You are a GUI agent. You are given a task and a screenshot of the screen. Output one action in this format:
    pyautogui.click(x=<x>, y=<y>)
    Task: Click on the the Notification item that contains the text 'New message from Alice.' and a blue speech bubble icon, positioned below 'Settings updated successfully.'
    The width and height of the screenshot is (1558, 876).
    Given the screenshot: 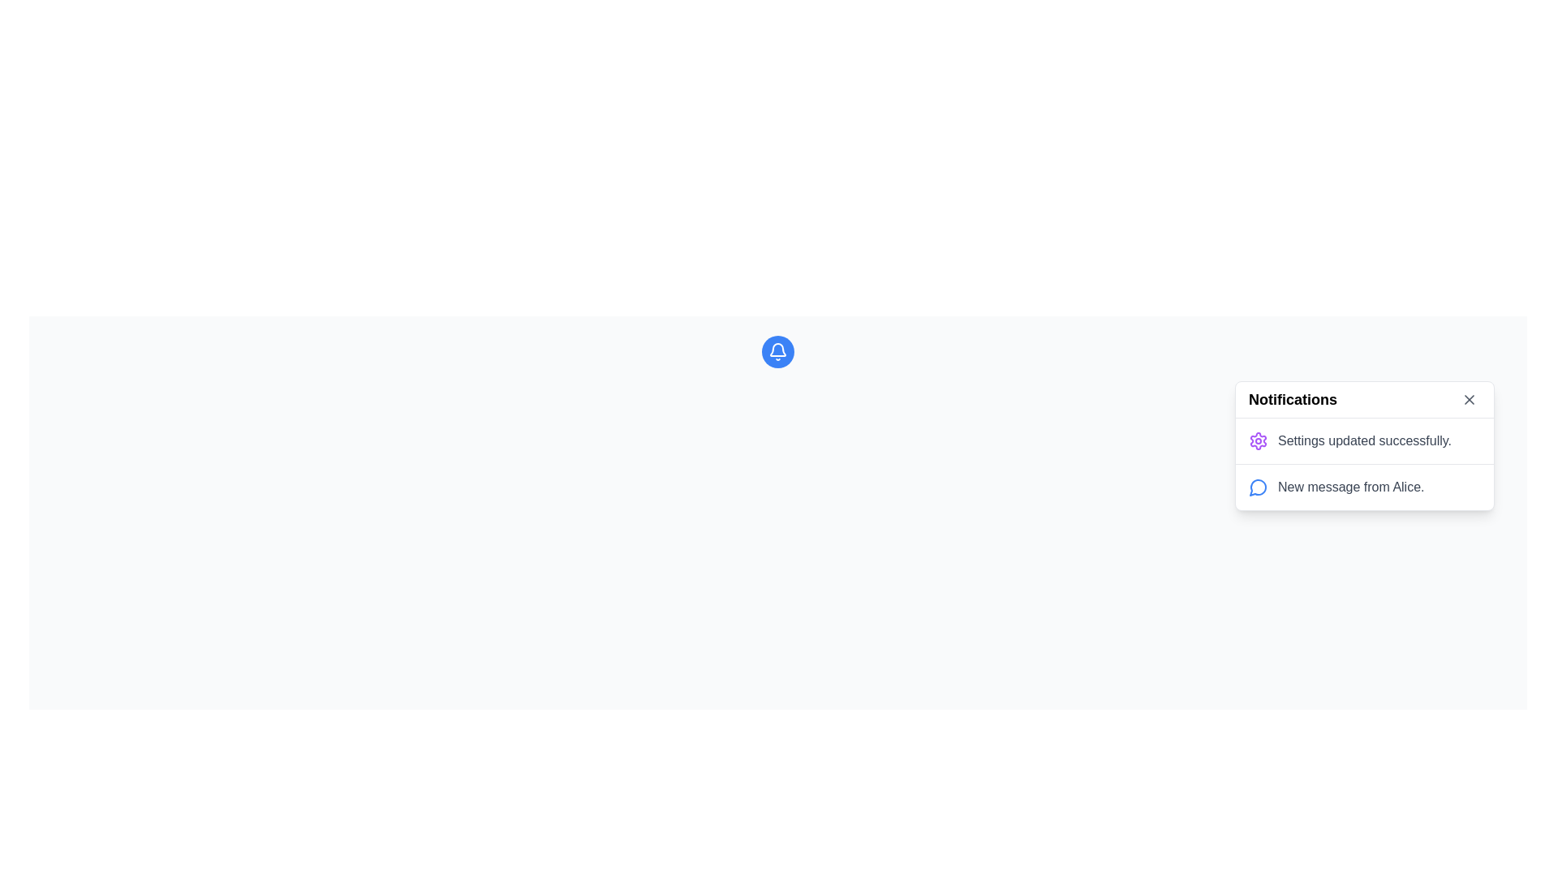 What is the action you would take?
    pyautogui.click(x=1363, y=486)
    